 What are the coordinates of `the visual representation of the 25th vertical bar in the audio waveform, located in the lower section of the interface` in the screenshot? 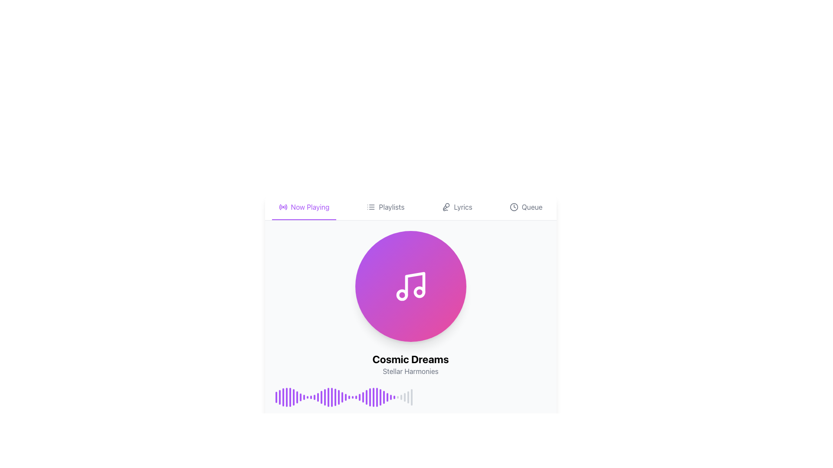 It's located at (387, 397).